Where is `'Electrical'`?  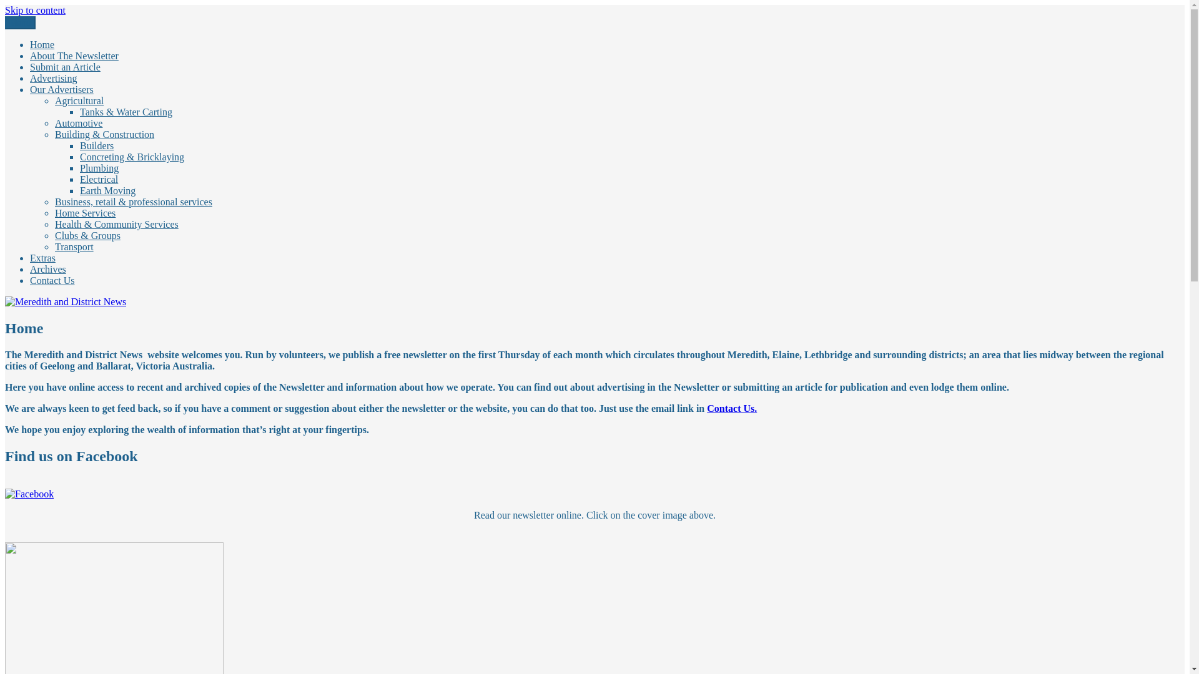
'Electrical' is located at coordinates (79, 179).